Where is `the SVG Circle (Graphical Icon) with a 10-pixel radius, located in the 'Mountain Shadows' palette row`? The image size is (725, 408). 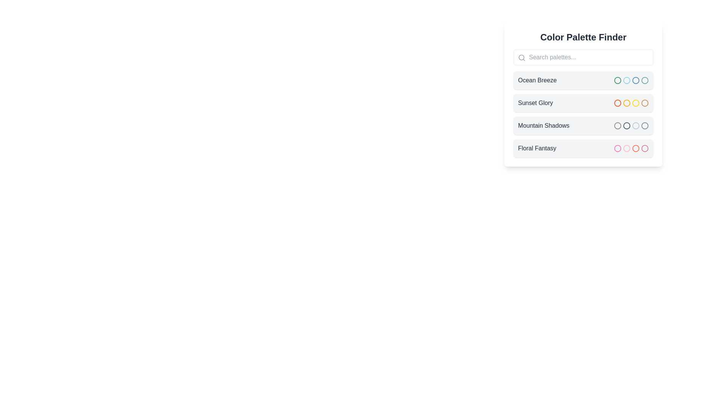
the SVG Circle (Graphical Icon) with a 10-pixel radius, located in the 'Mountain Shadows' palette row is located at coordinates (645, 125).